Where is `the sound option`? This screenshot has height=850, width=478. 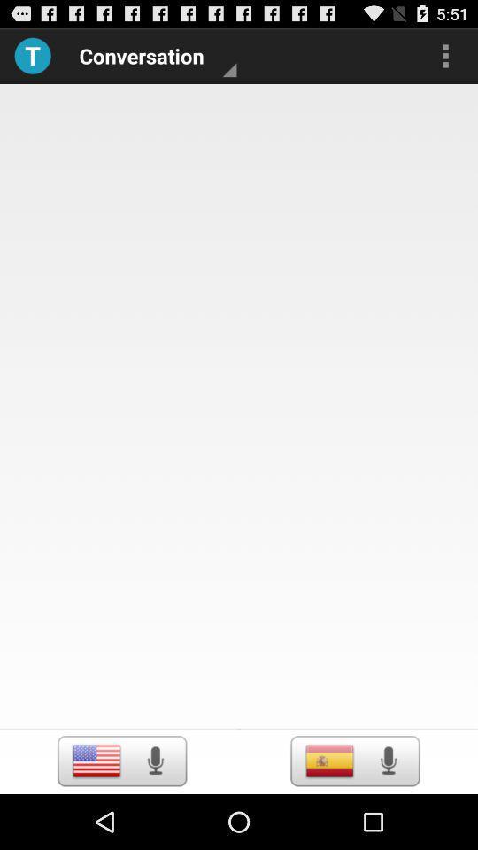
the sound option is located at coordinates (387, 760).